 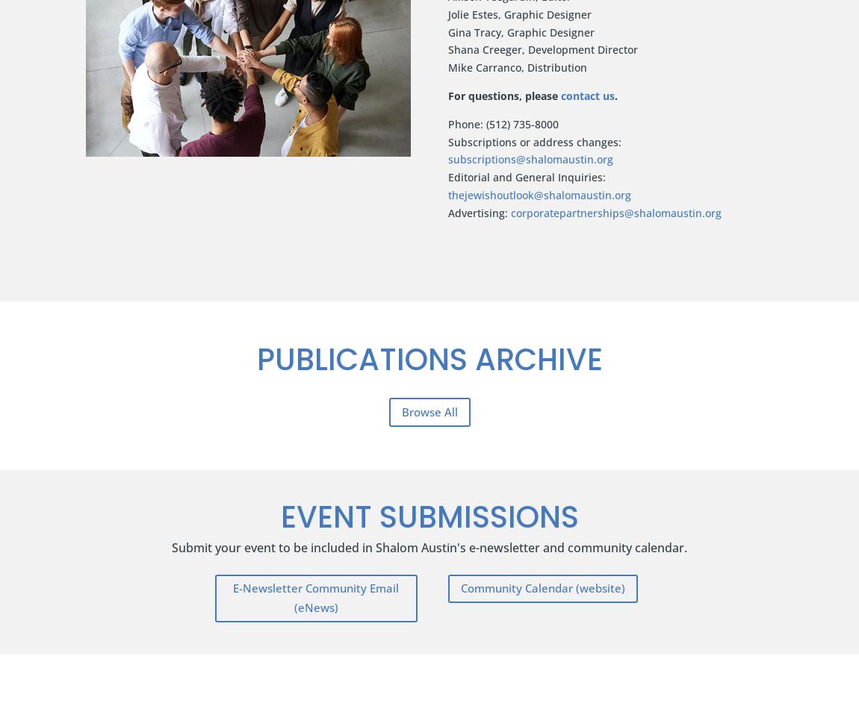 What do you see at coordinates (518, 13) in the screenshot?
I see `'Jolie Estes, Graphic Designer'` at bounding box center [518, 13].